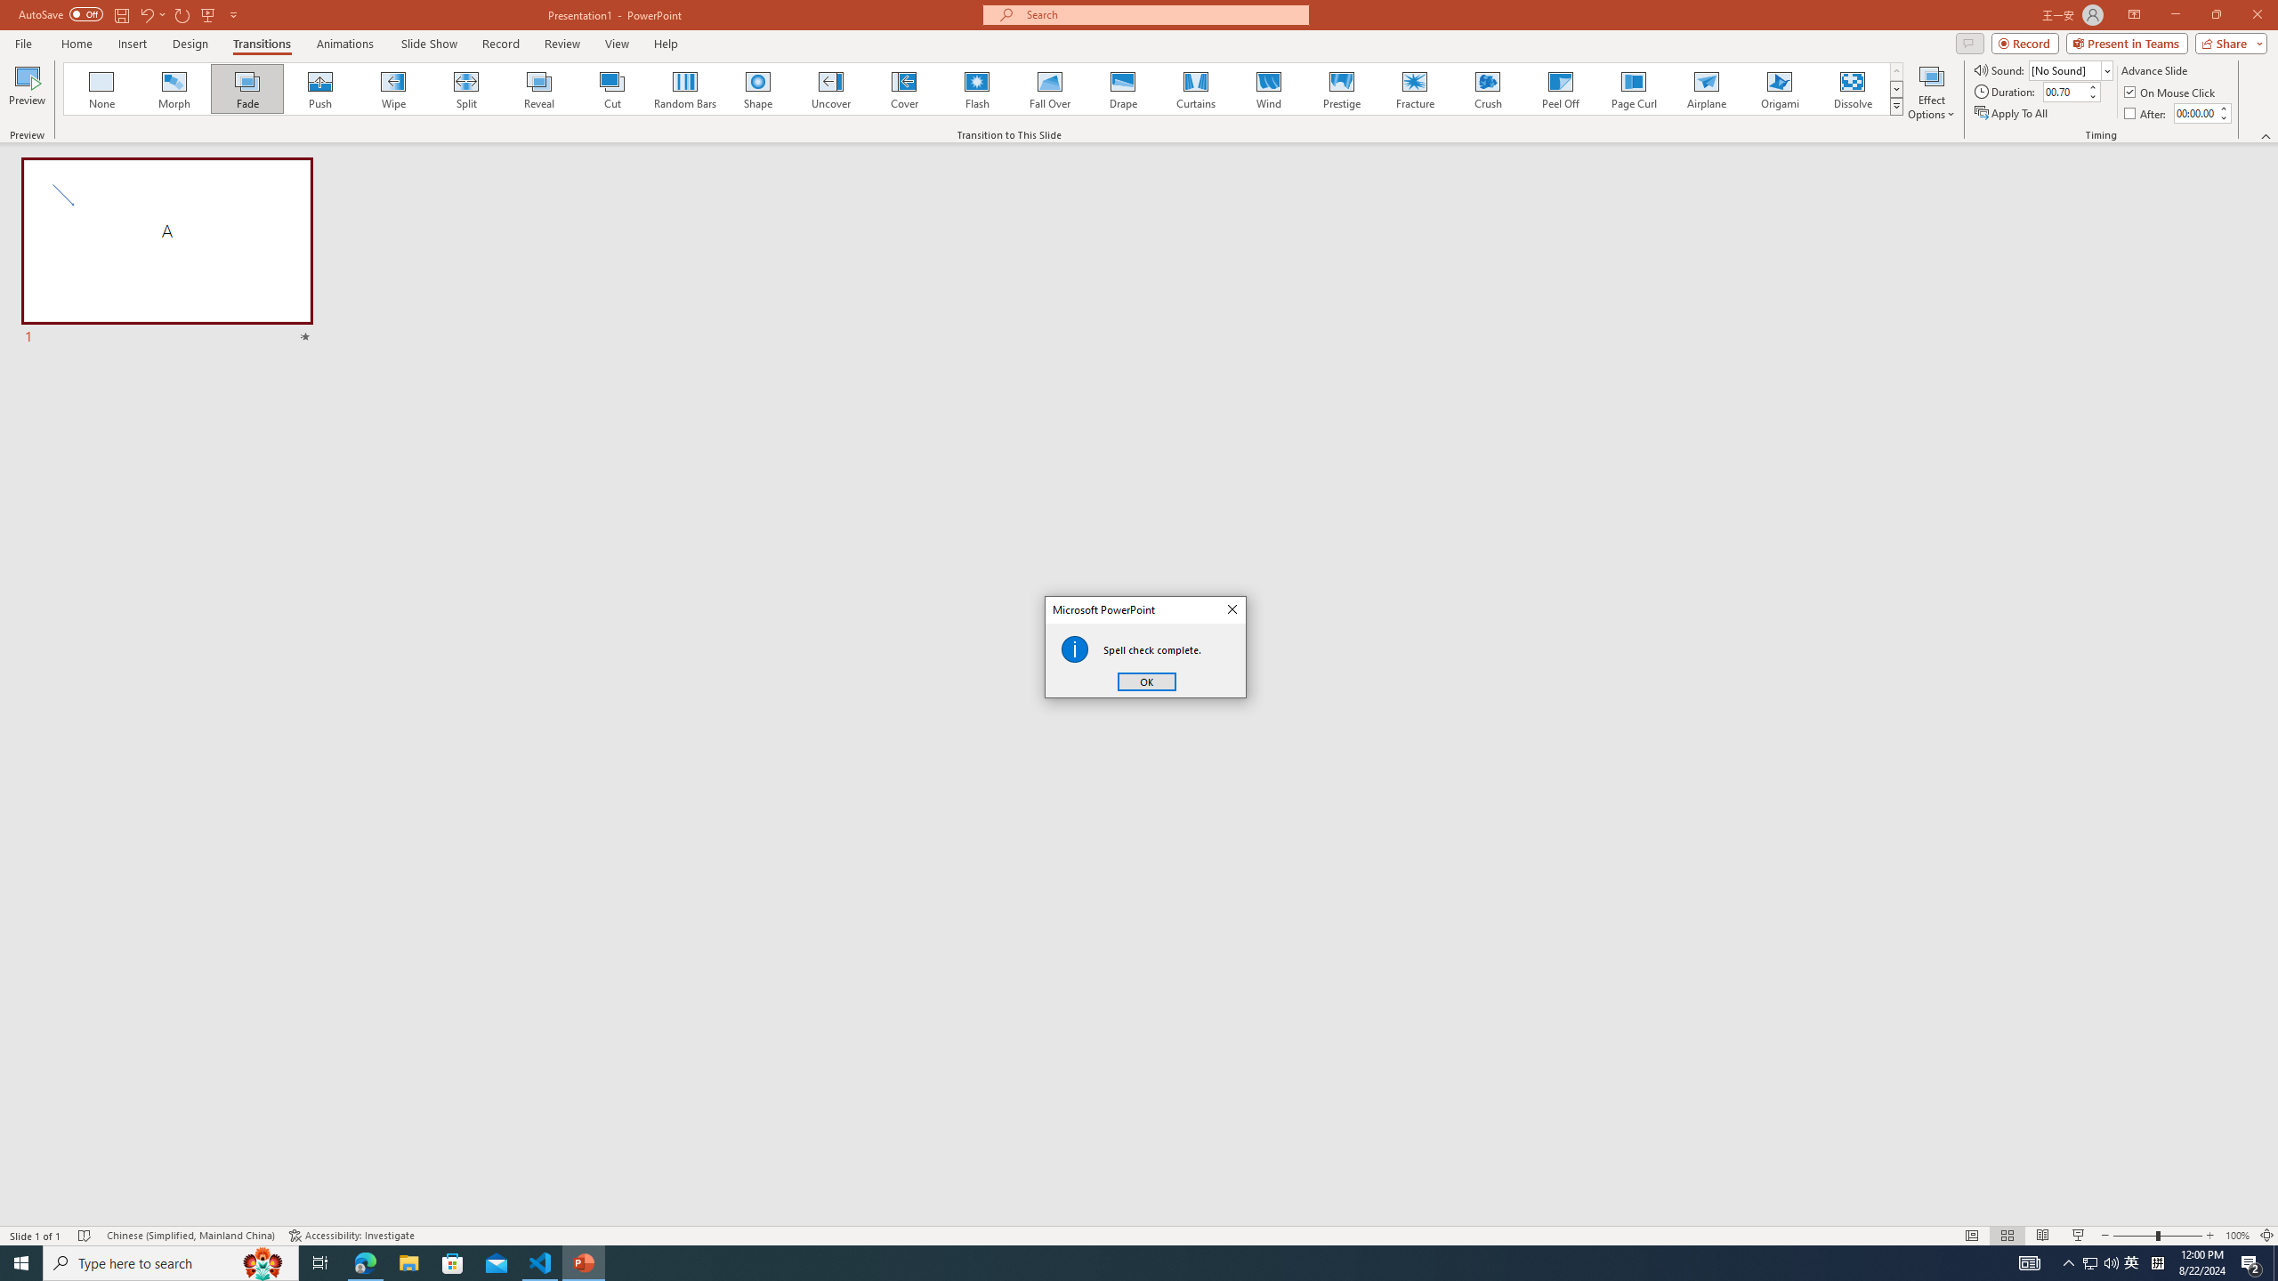  What do you see at coordinates (539, 88) in the screenshot?
I see `'Reveal'` at bounding box center [539, 88].